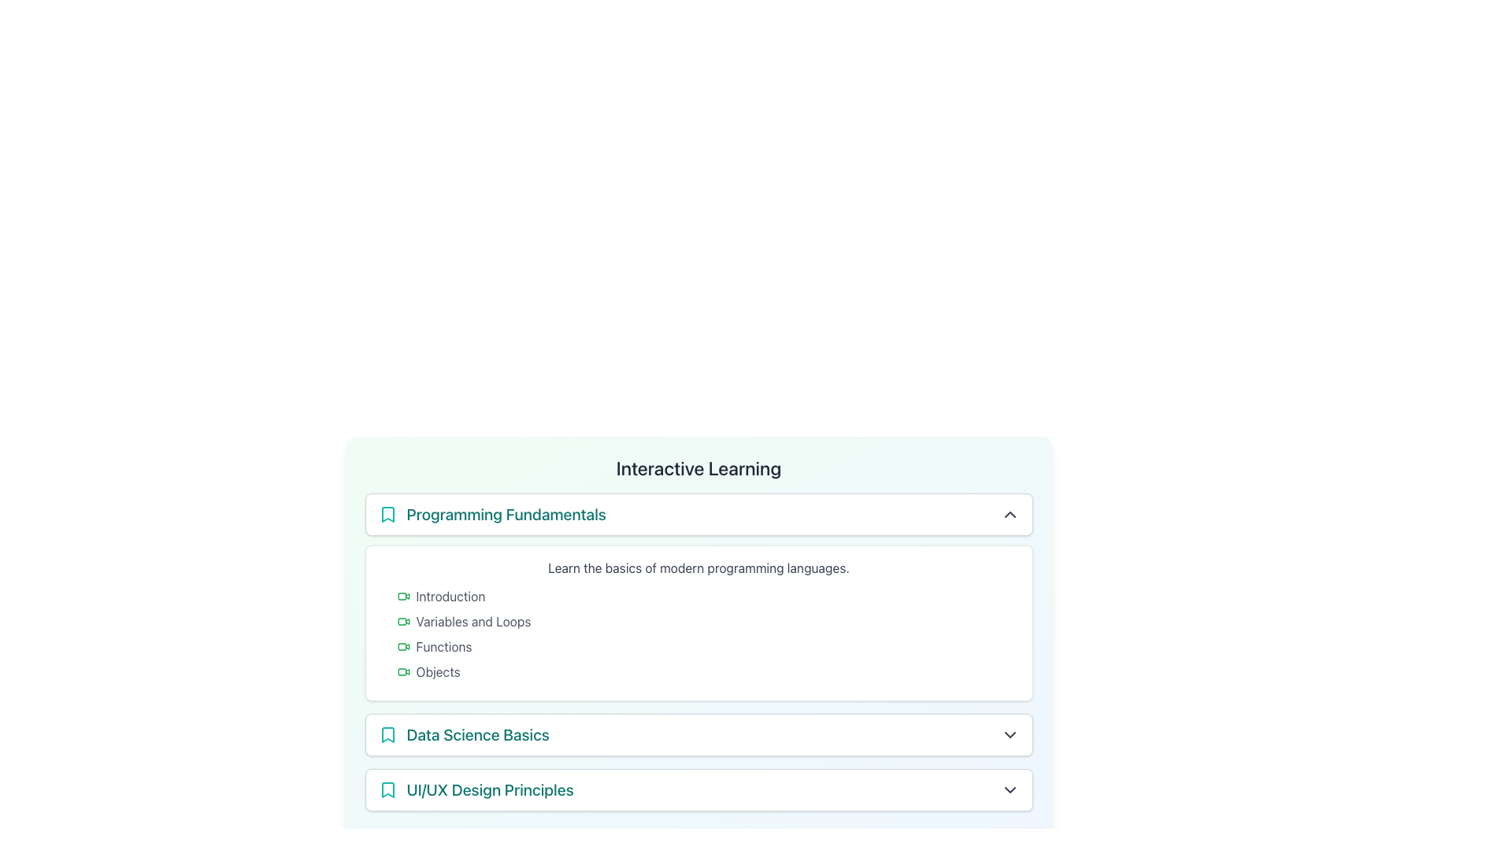  I want to click on the text label that reads 'Learn the basics of modern programming languages.' located within the white rounded rectangle card in the 'Programming Fundamentals' section, so click(698, 567).